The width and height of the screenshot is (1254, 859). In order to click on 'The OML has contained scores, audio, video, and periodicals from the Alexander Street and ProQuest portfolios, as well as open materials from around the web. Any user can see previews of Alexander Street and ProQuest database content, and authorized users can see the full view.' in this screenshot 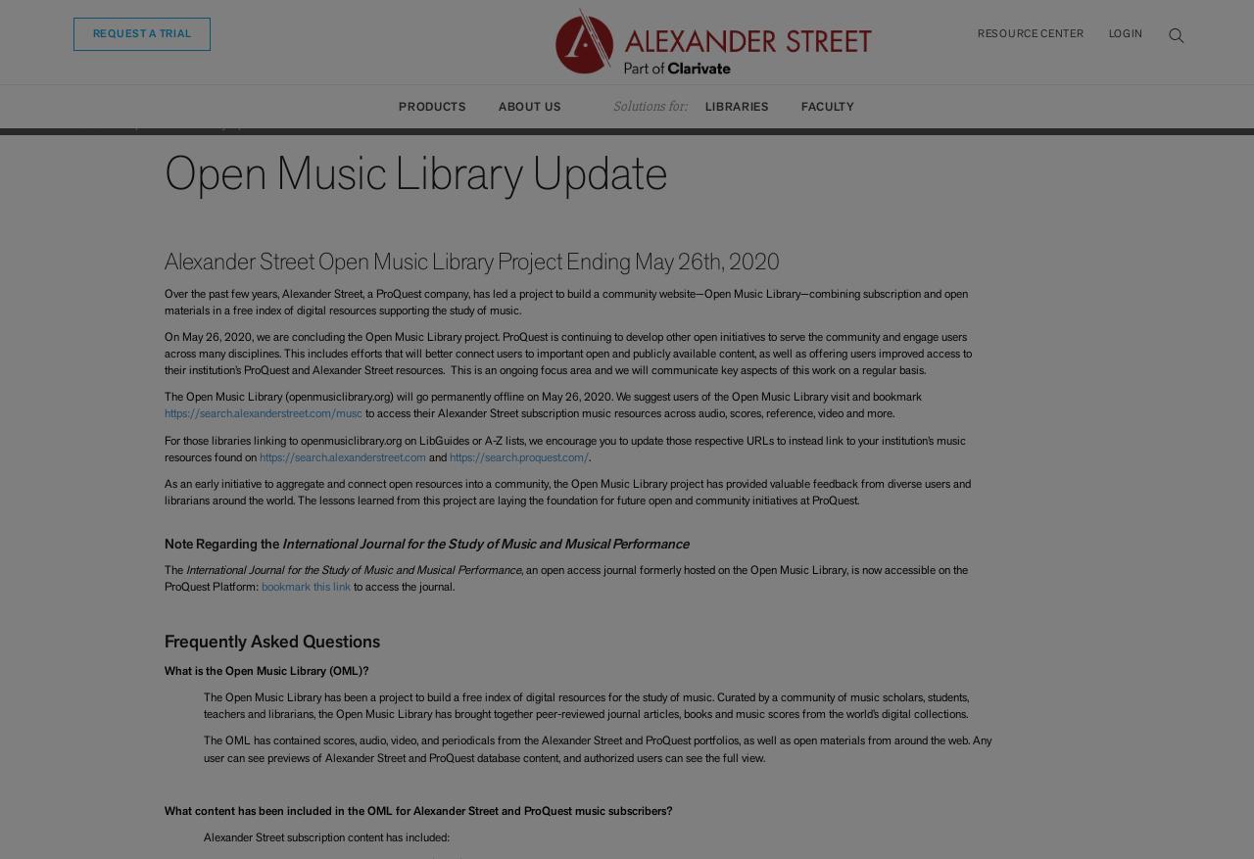, I will do `click(596, 748)`.